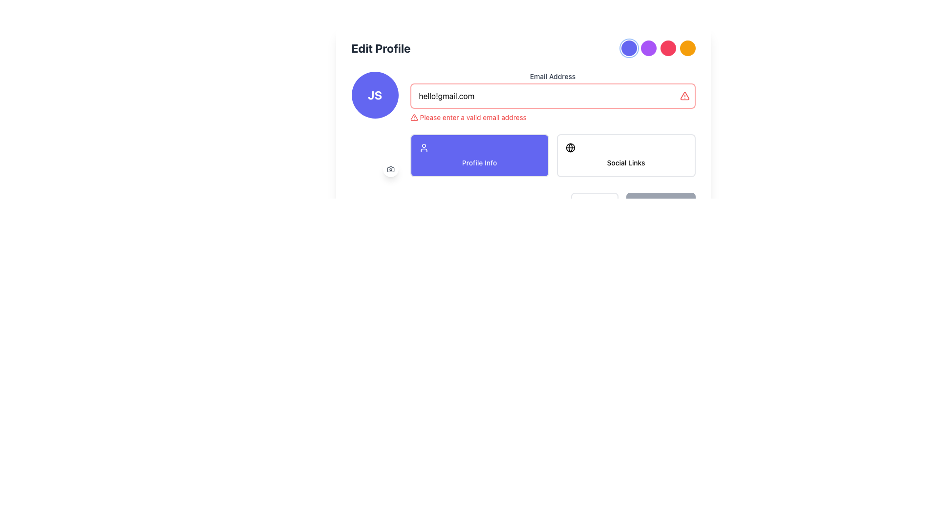  What do you see at coordinates (553, 76) in the screenshot?
I see `the 'Email Address' label, which is styled with a smaller font size and light gray color, positioned directly above the email input field` at bounding box center [553, 76].